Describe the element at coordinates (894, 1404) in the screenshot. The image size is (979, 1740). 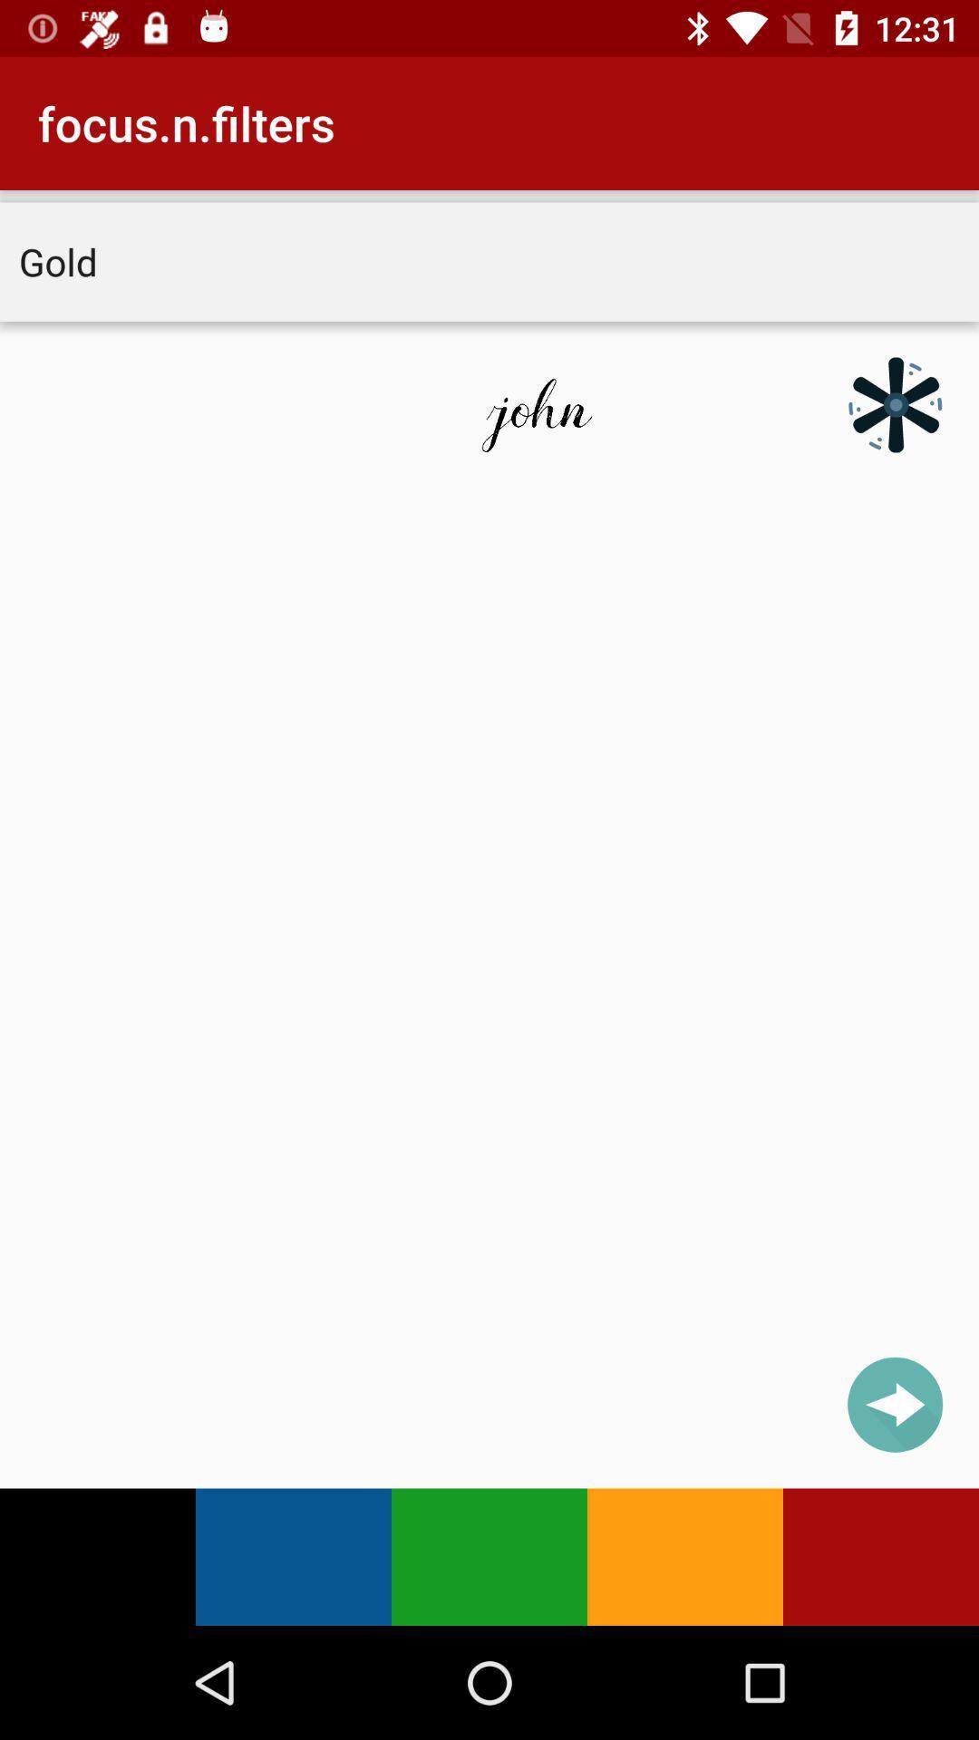
I see `the arrow_forward icon` at that location.